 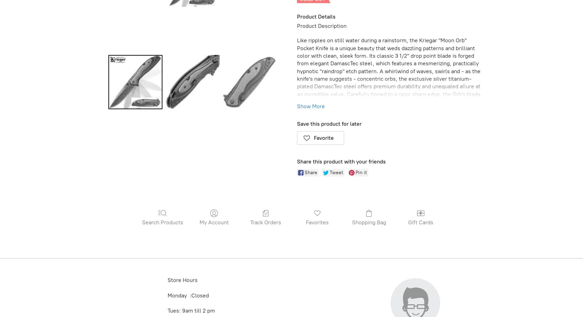 What do you see at coordinates (329, 124) in the screenshot?
I see `'Save this product for later'` at bounding box center [329, 124].